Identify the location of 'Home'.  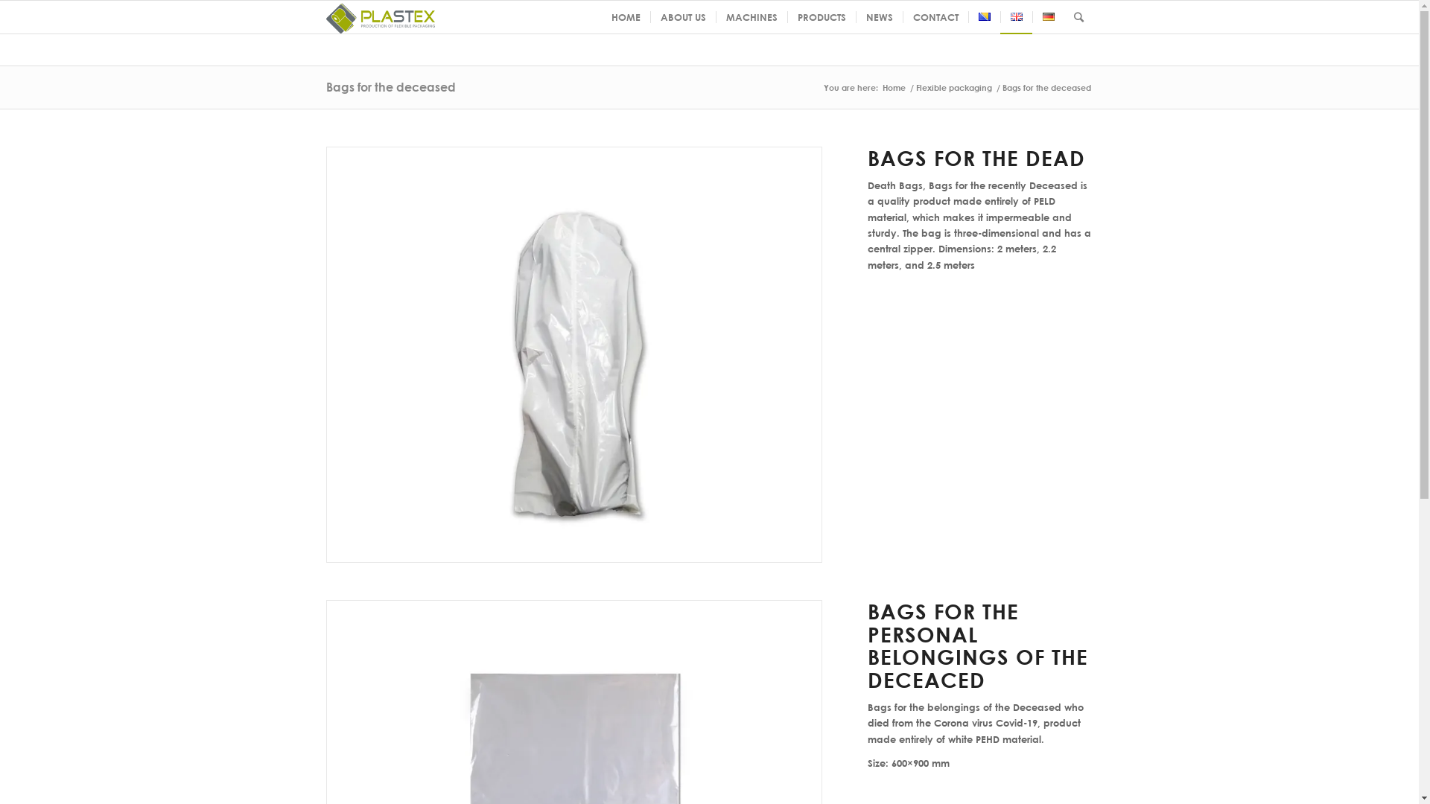
(880, 87).